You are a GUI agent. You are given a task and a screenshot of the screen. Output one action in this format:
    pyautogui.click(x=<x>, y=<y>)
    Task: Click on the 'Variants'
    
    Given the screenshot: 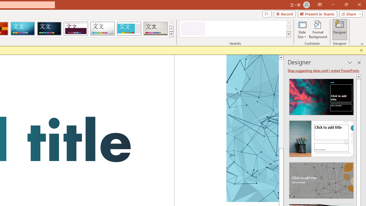 What is the action you would take?
    pyautogui.click(x=289, y=34)
    